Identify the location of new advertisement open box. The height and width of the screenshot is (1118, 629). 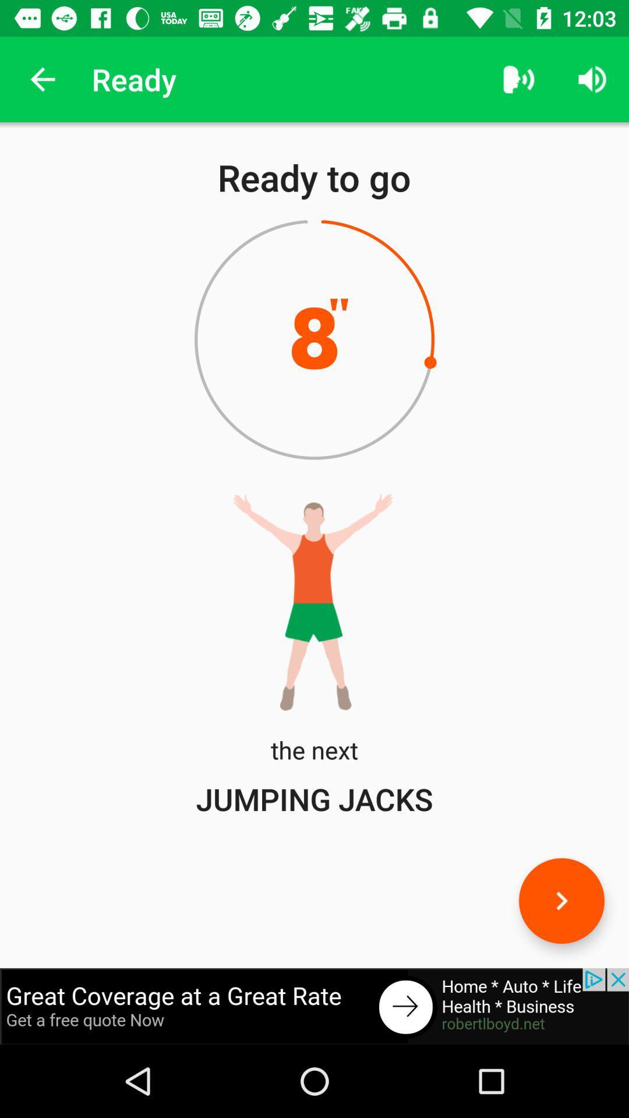
(314, 1006).